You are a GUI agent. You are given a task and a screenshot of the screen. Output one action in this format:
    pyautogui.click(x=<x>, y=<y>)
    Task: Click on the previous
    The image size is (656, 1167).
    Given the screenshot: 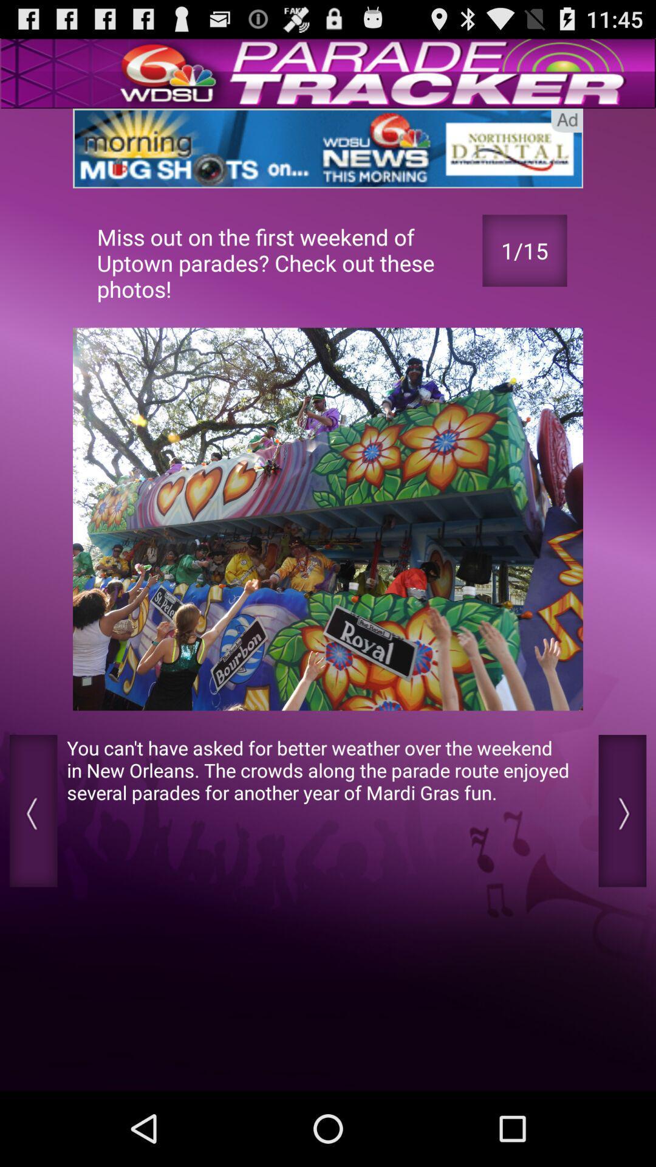 What is the action you would take?
    pyautogui.click(x=33, y=811)
    